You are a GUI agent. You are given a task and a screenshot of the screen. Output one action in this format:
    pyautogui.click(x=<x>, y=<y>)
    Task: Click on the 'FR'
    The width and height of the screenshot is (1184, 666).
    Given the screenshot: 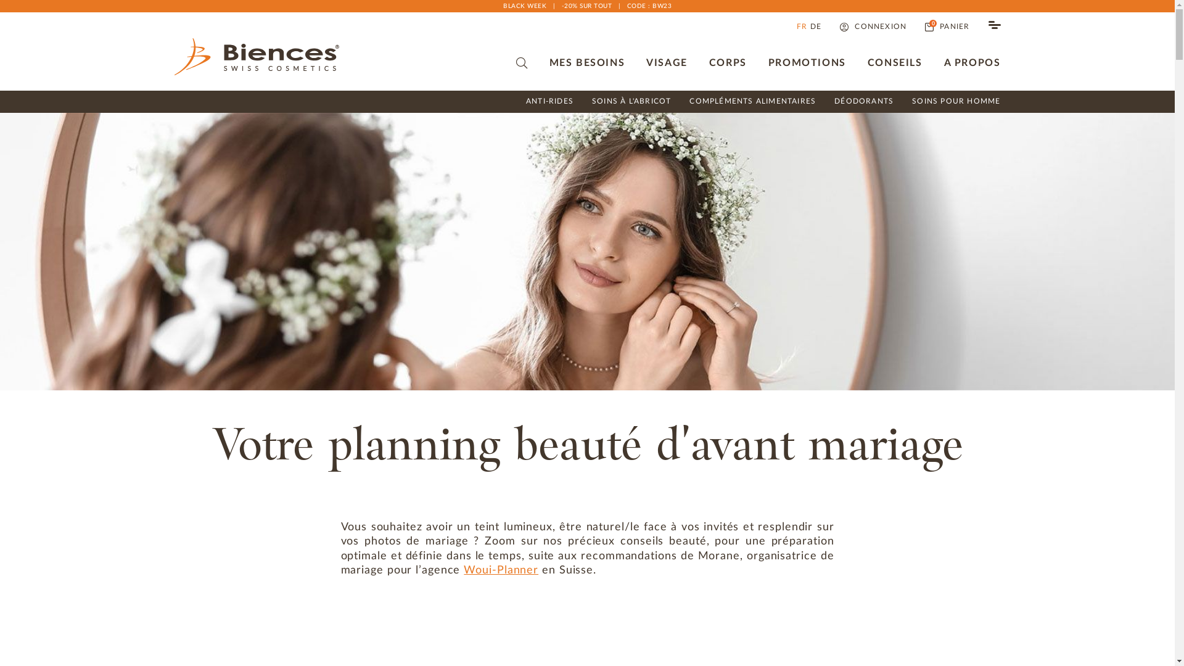 What is the action you would take?
    pyautogui.click(x=802, y=27)
    